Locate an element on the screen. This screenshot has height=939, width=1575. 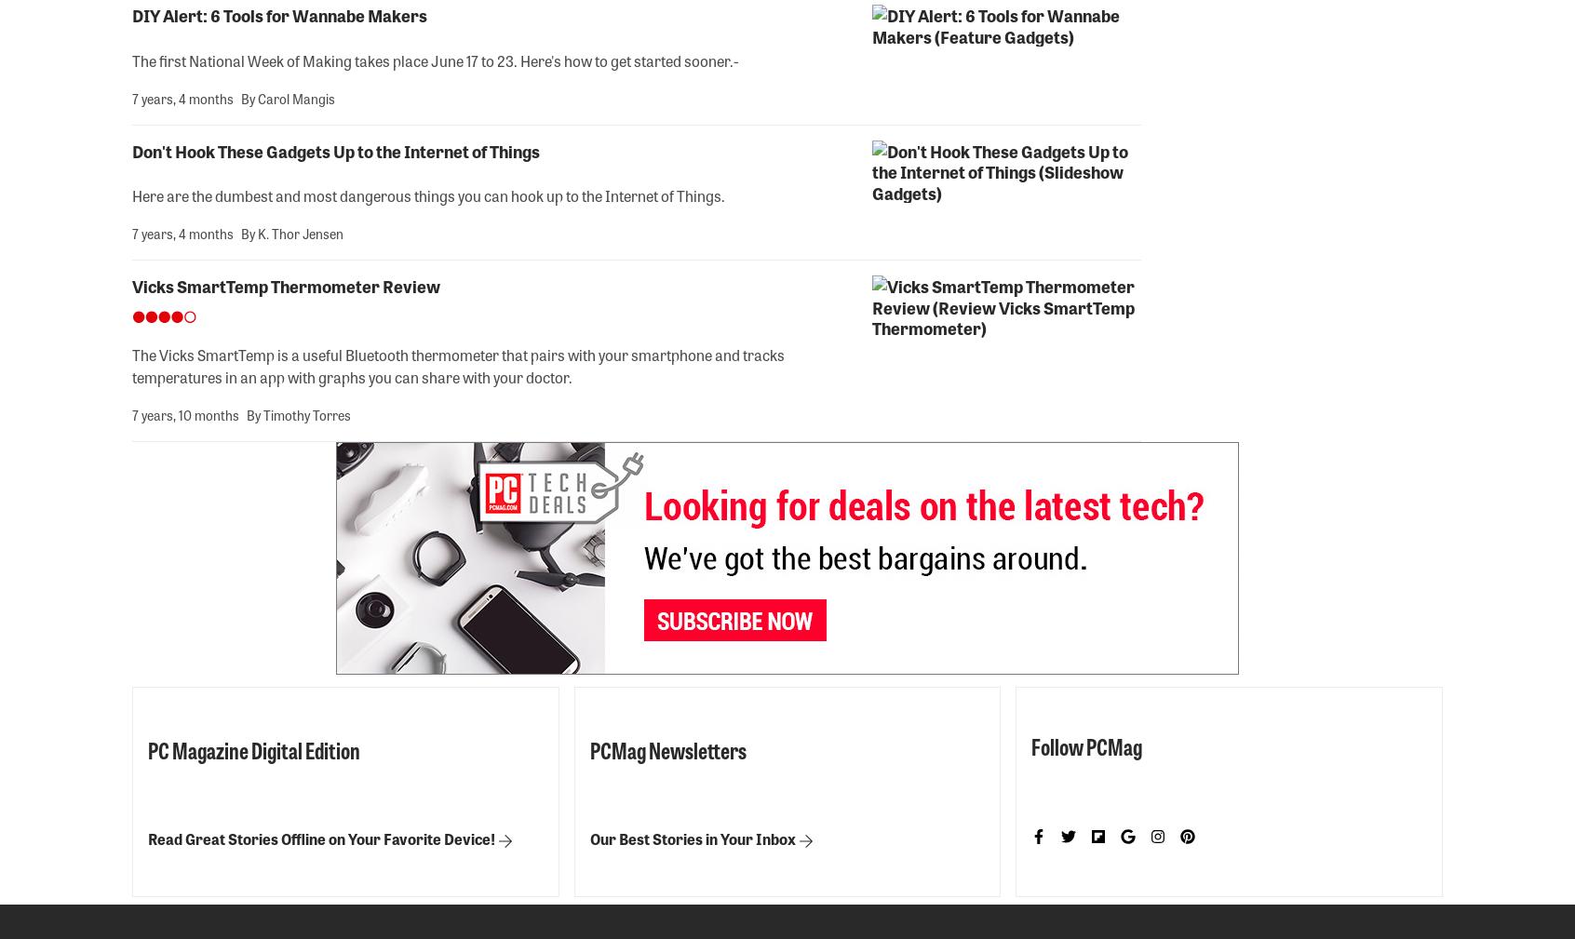
'Our Best Stories in Your Inbox' is located at coordinates (587, 838).